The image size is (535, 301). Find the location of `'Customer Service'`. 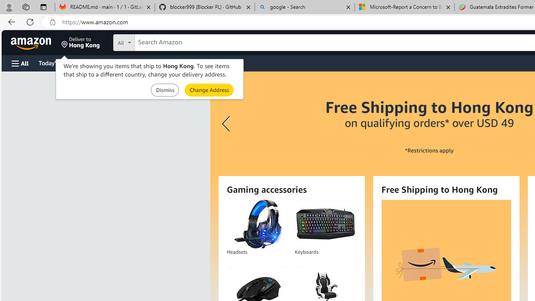

'Customer Service' is located at coordinates (107, 62).